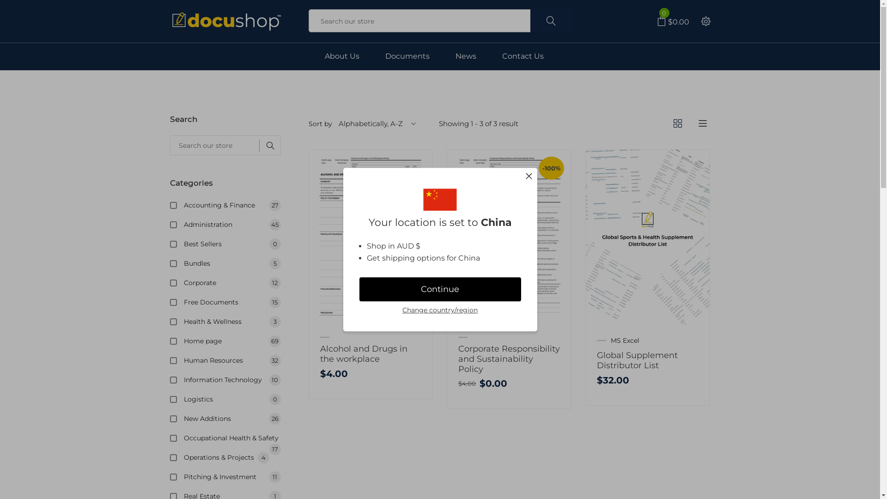 Image resolution: width=887 pixels, height=499 pixels. I want to click on '0, so click(673, 21).